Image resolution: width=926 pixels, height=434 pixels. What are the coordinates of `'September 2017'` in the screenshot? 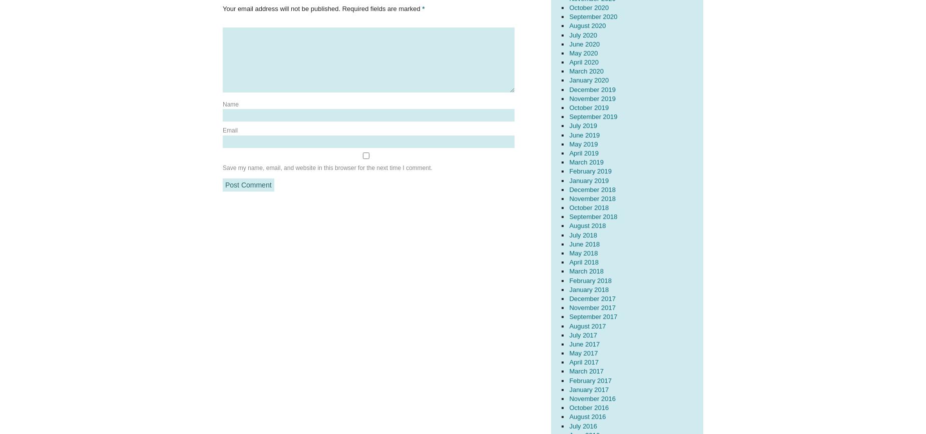 It's located at (592, 316).